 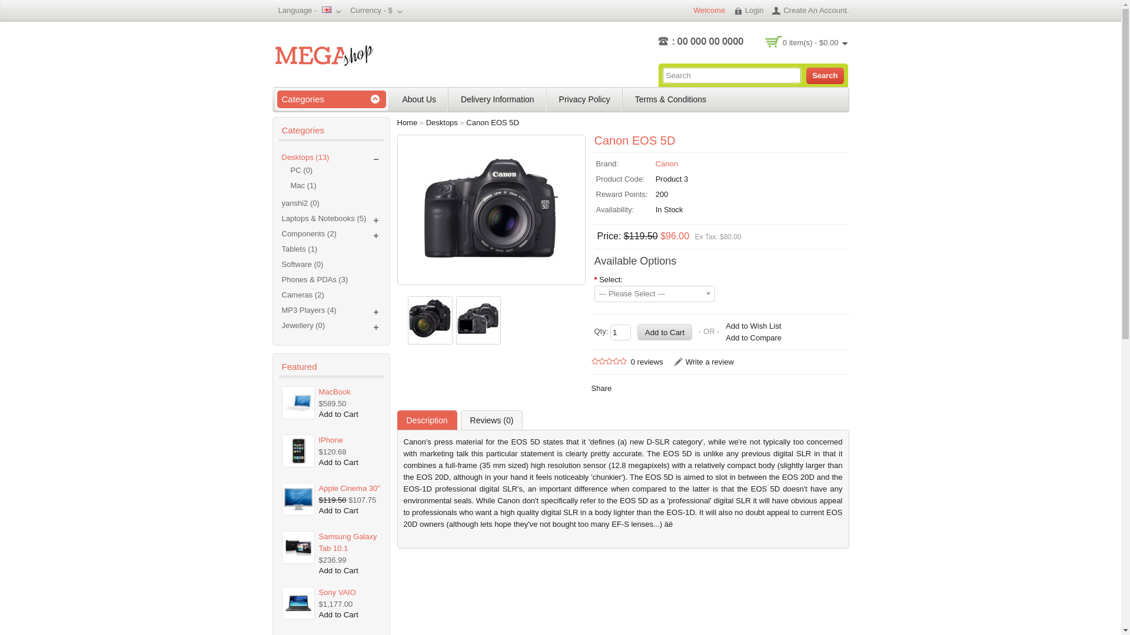 What do you see at coordinates (308, 309) in the screenshot?
I see `'MP3 Players (4)'` at bounding box center [308, 309].